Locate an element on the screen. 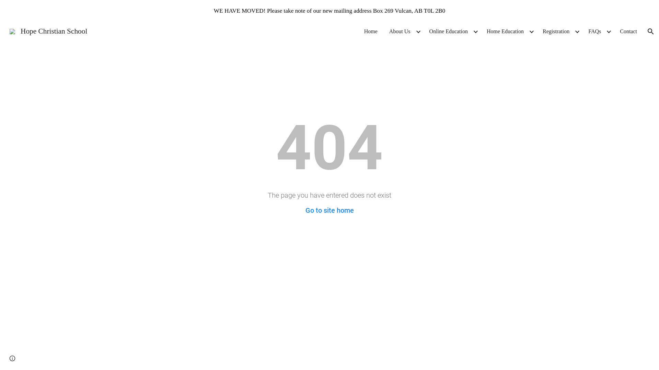  'Expand/Collapse' is located at coordinates (528, 32).